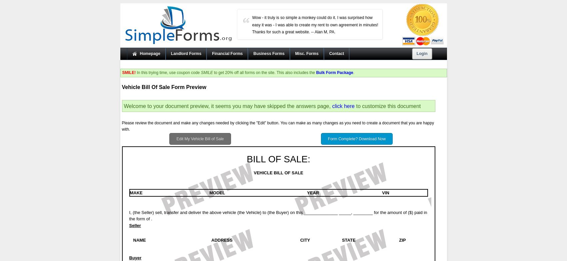 The height and width of the screenshot is (261, 567). I want to click on 'Please review the document and make any changes needed by clicking the "Edit" button. You can make as many changes as you need to create a document that you are happy with.', so click(121, 126).